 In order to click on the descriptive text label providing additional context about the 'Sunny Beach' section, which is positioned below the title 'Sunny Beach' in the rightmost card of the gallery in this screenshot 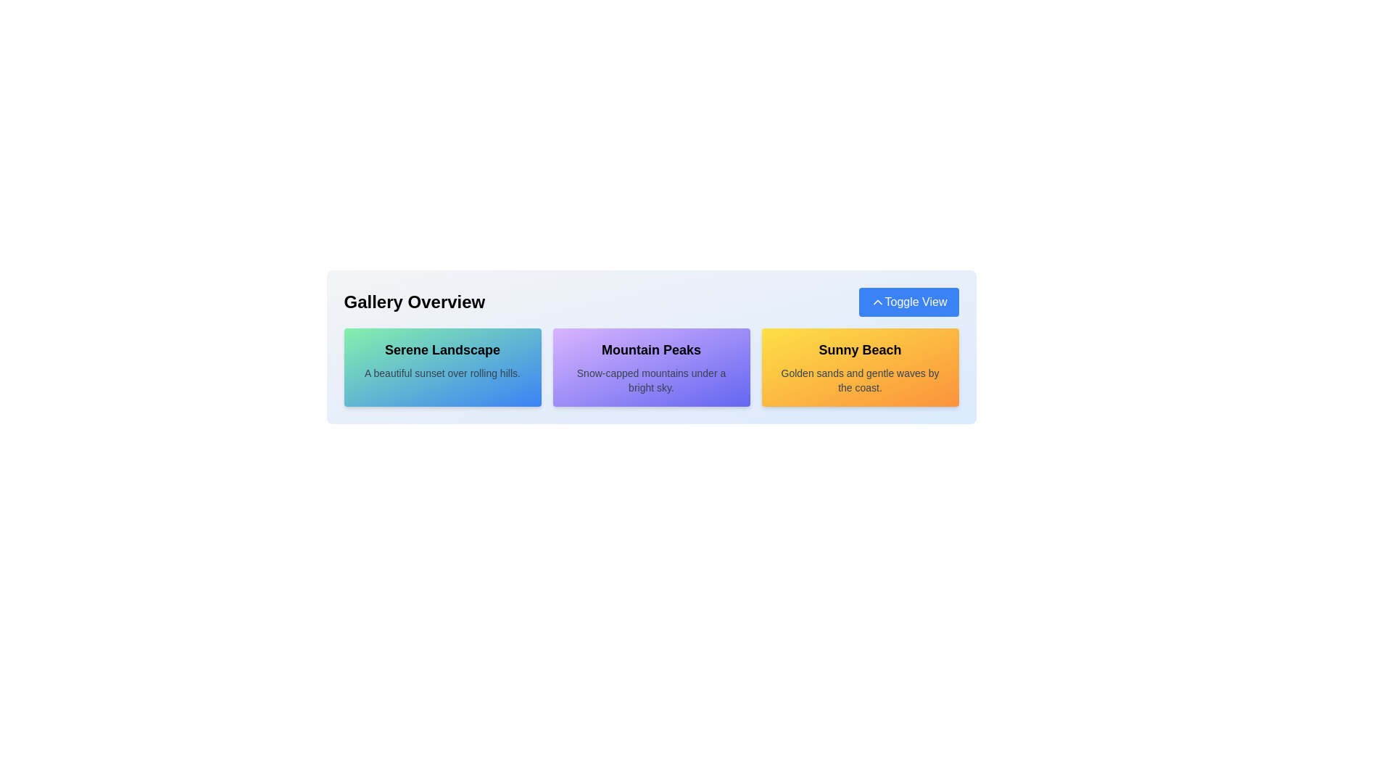, I will do `click(860, 379)`.